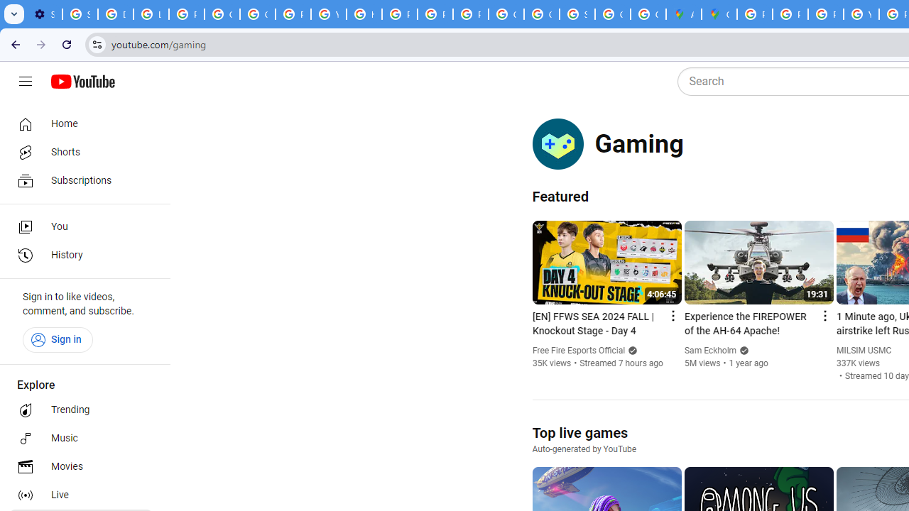 The image size is (909, 511). Describe the element at coordinates (80, 255) in the screenshot. I see `'History'` at that location.